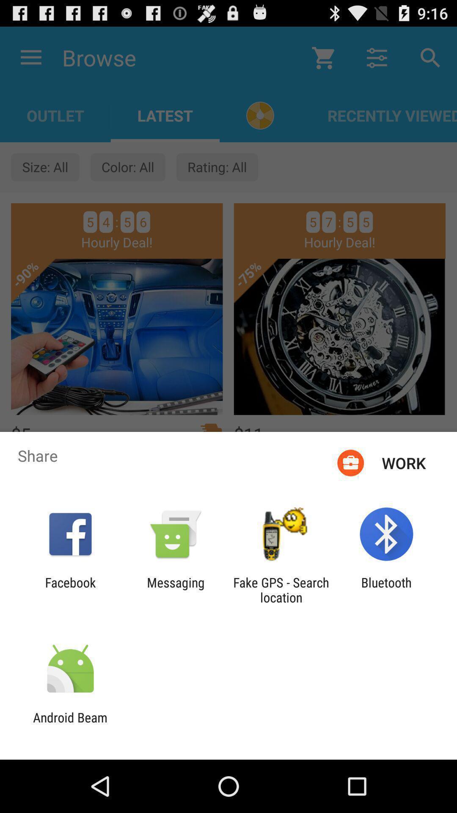 The width and height of the screenshot is (457, 813). Describe the element at coordinates (175, 589) in the screenshot. I see `app next to fake gps search item` at that location.